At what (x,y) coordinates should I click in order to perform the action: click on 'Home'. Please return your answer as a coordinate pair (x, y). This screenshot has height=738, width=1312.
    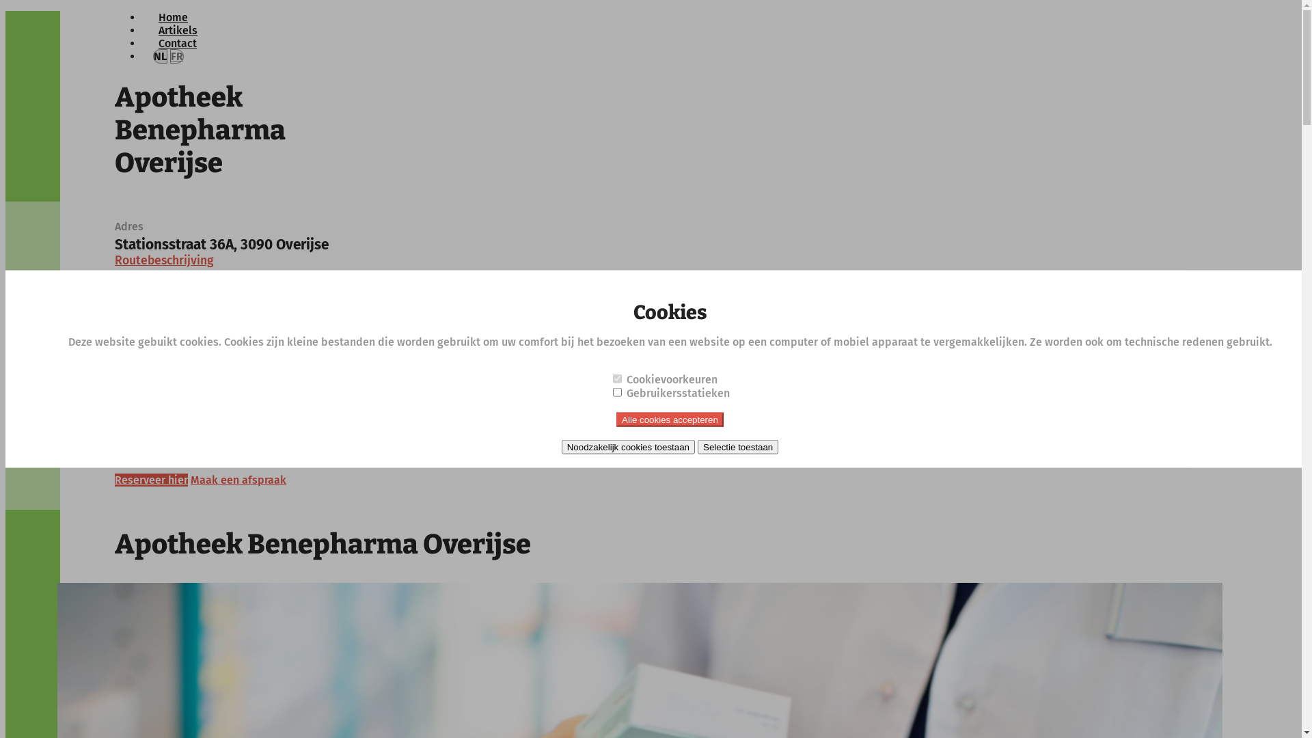
    Looking at the image, I should click on (172, 17).